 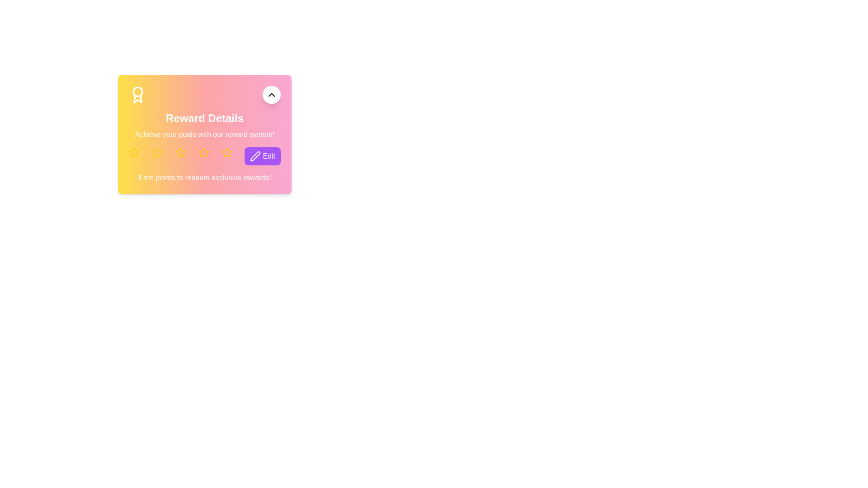 I want to click on the circular yellow icon located at the top left corner of the reward card section, so click(x=137, y=92).